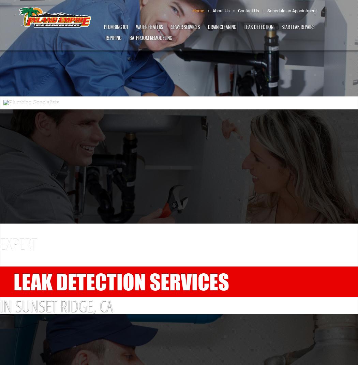  I want to click on 'Repiping', so click(113, 37).